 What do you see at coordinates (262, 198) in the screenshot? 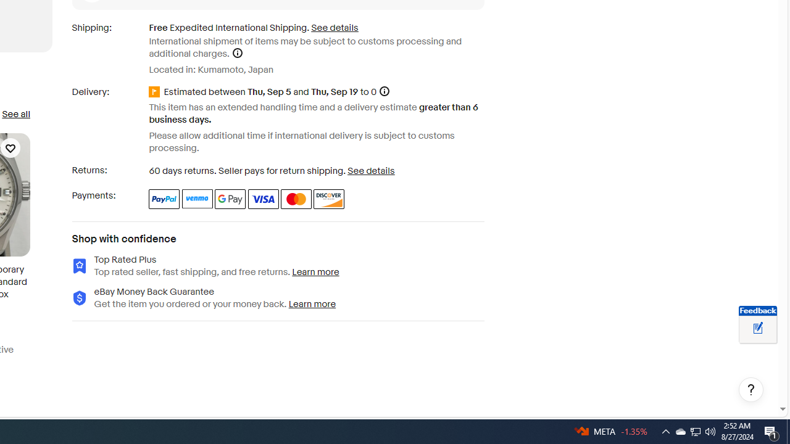
I see `'Visa'` at bounding box center [262, 198].